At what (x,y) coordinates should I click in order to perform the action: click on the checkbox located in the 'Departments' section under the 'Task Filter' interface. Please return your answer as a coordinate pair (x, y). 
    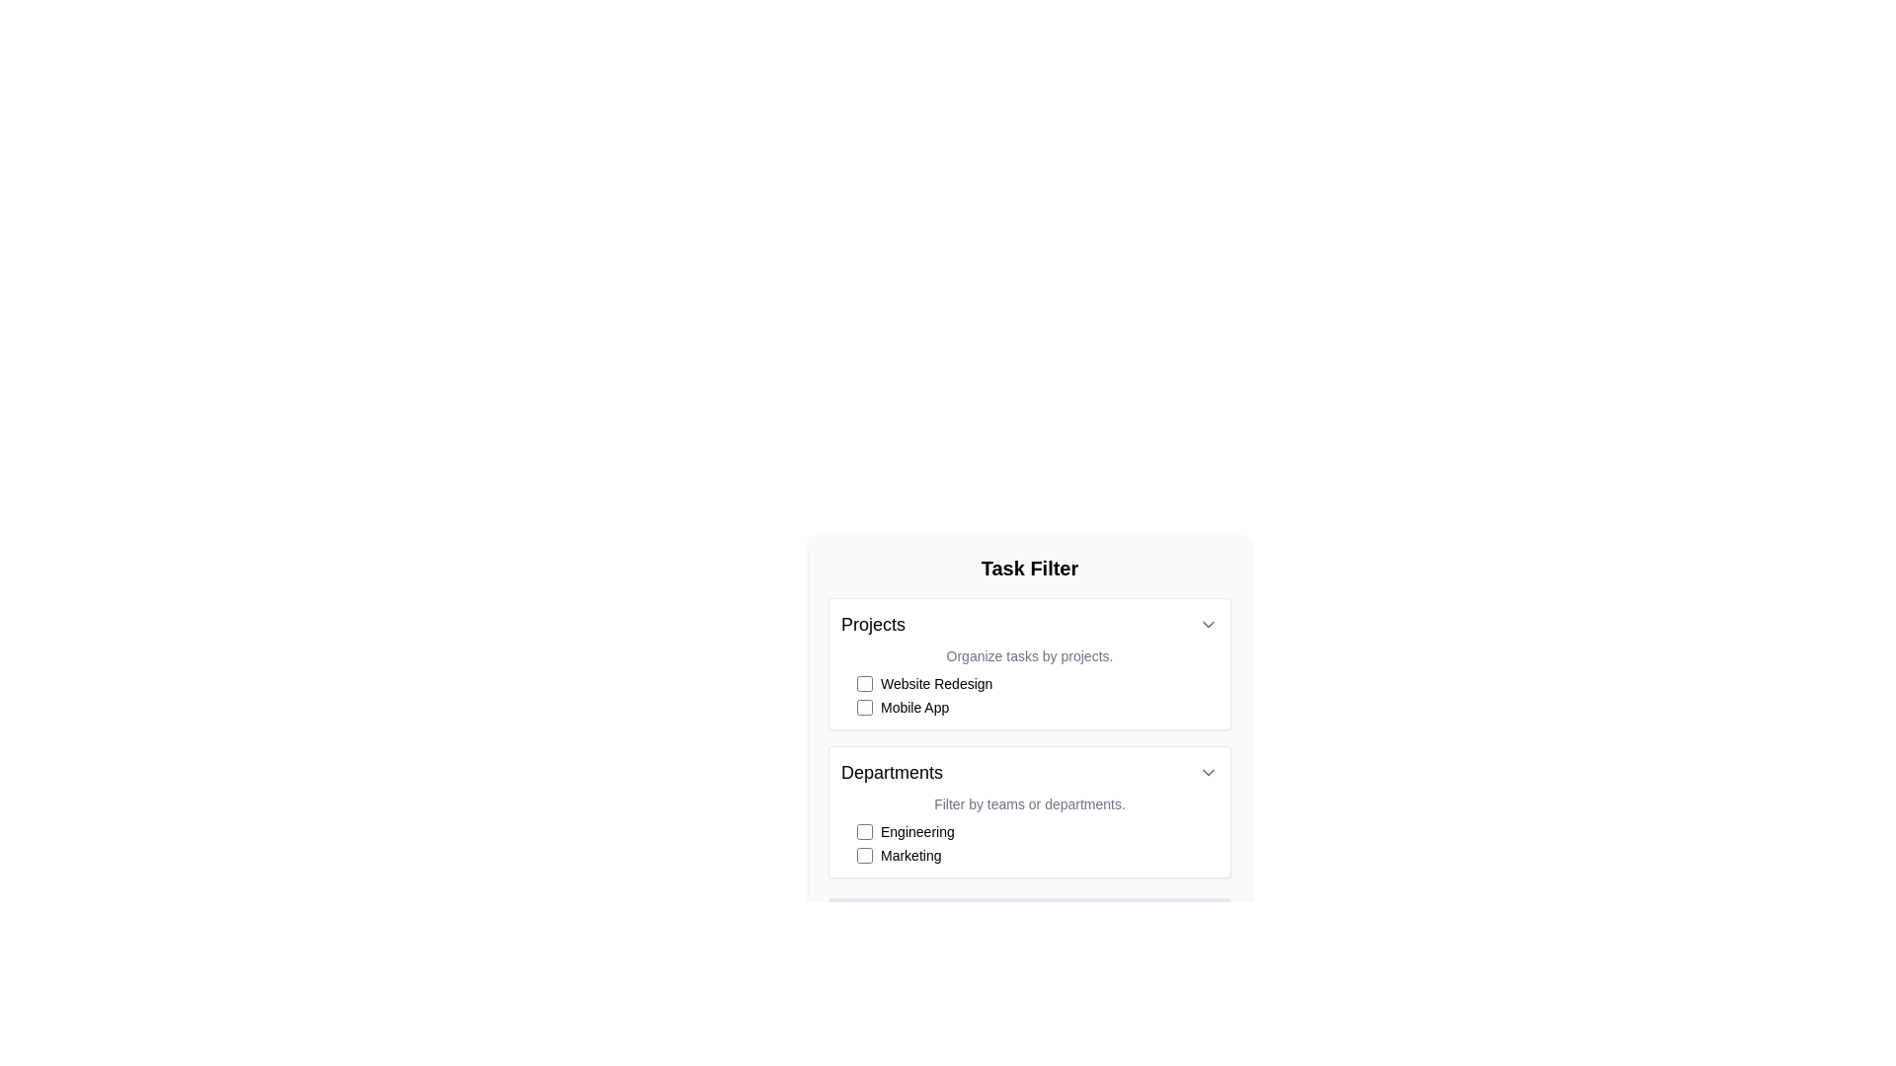
    Looking at the image, I should click on (864, 855).